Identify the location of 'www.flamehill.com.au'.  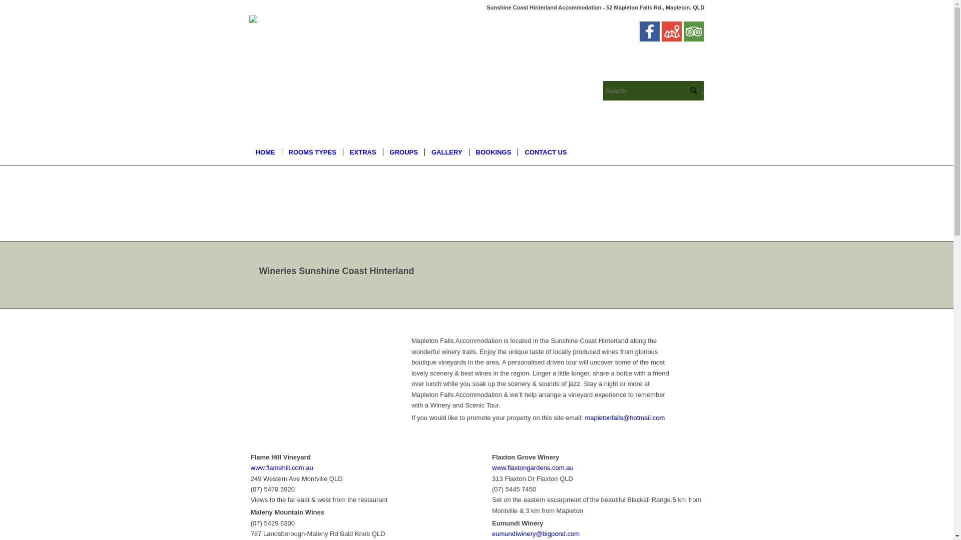
(281, 467).